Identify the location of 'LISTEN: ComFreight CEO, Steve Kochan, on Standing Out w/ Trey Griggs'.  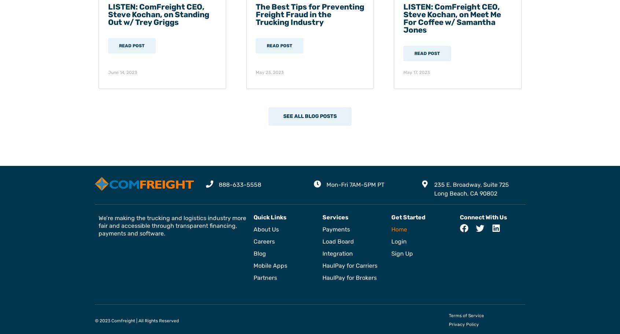
(158, 14).